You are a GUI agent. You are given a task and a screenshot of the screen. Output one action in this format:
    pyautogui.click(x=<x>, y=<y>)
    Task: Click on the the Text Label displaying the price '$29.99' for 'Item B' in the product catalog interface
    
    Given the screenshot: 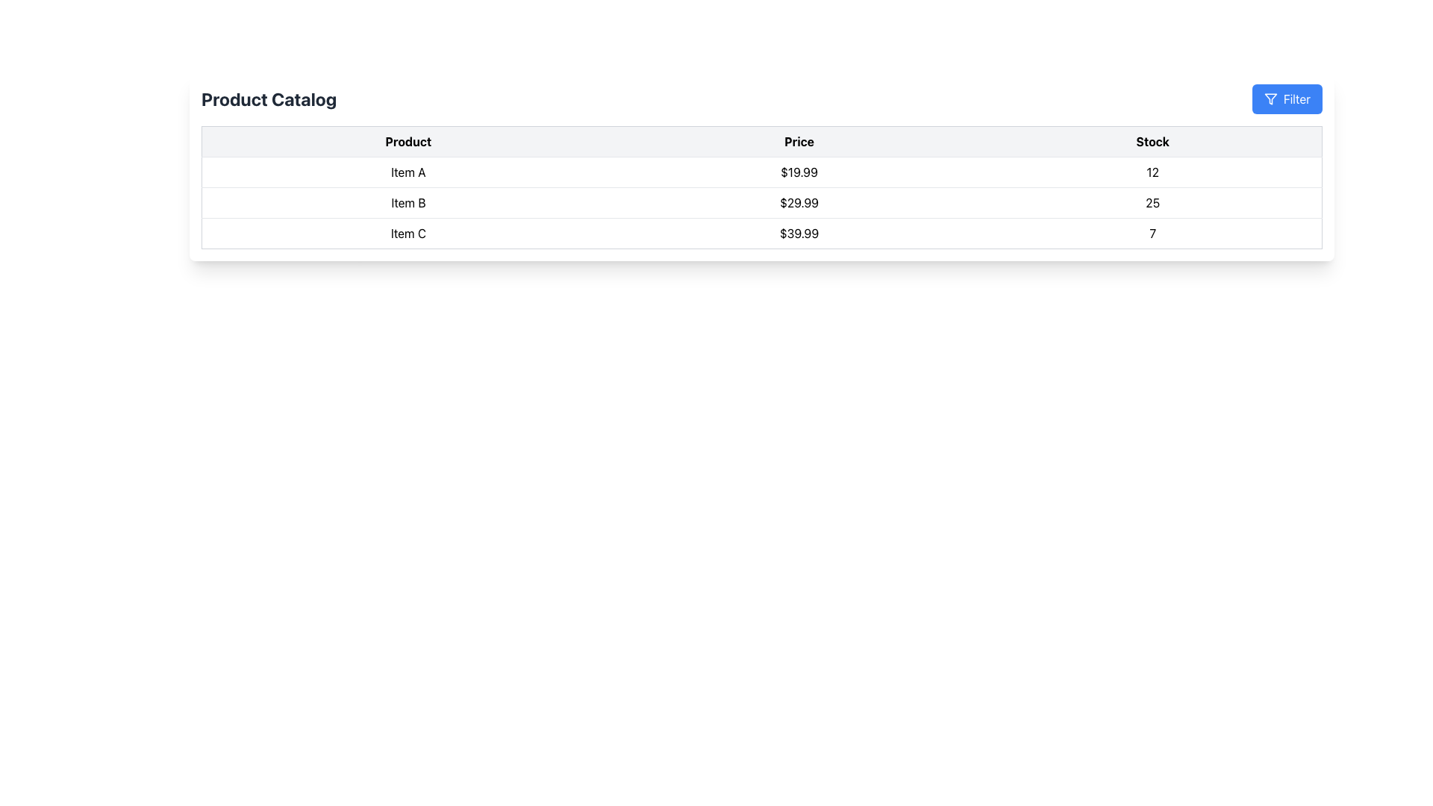 What is the action you would take?
    pyautogui.click(x=799, y=203)
    